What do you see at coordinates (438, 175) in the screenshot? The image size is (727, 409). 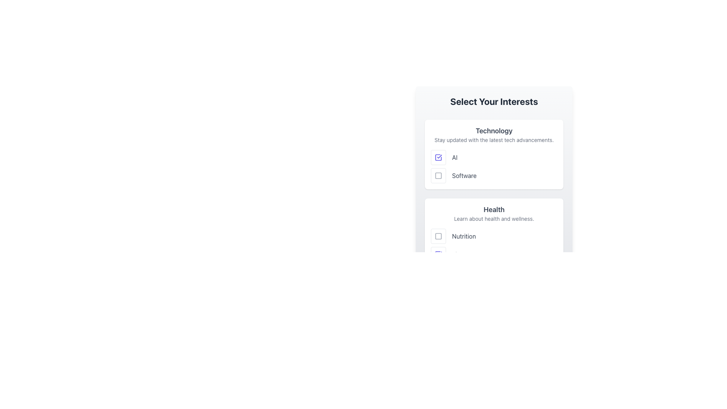 I see `the unselected checkbox adjacent to the 'Software' text label within the 'Technology' card` at bounding box center [438, 175].